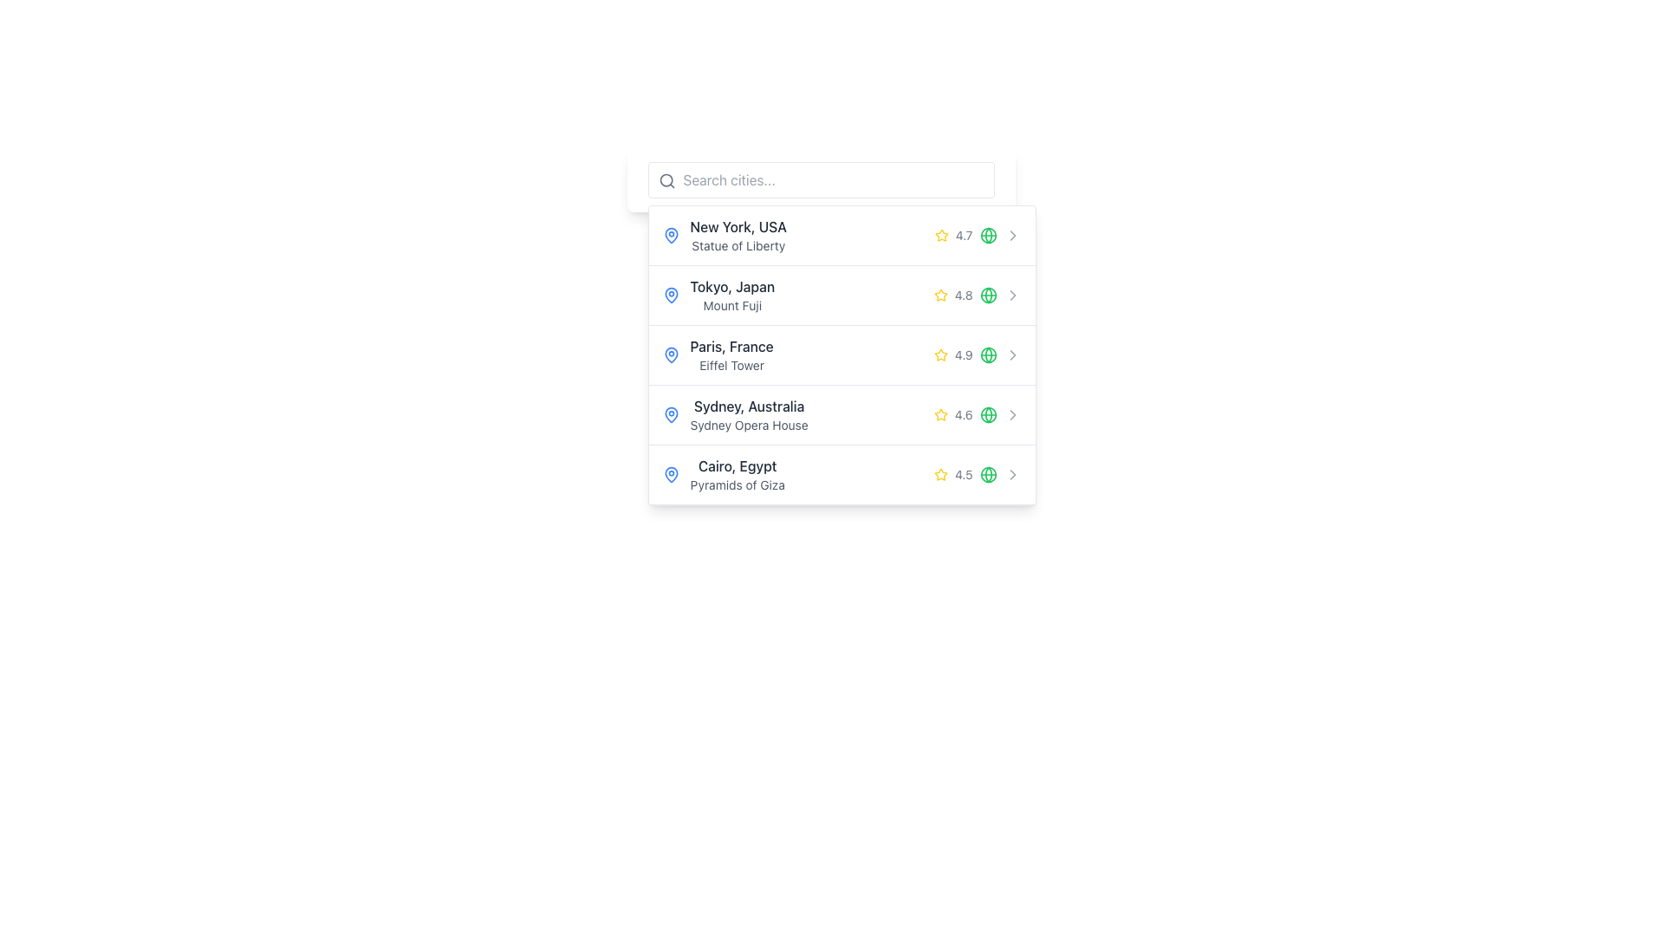 The height and width of the screenshot is (936, 1664). Describe the element at coordinates (988, 236) in the screenshot. I see `the globe icon located to the right of the rating '4.7' in the row for 'New York, USA'` at that location.